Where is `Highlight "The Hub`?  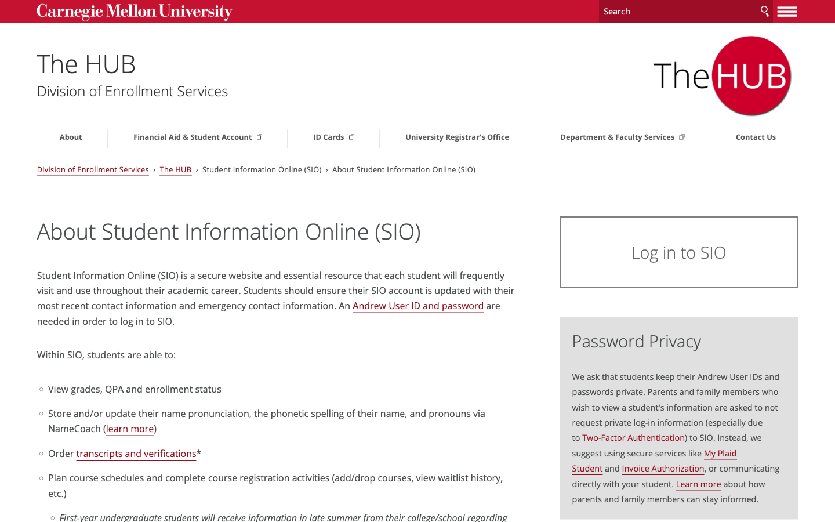
Highlight "The Hub is located at coordinates (120, 61).